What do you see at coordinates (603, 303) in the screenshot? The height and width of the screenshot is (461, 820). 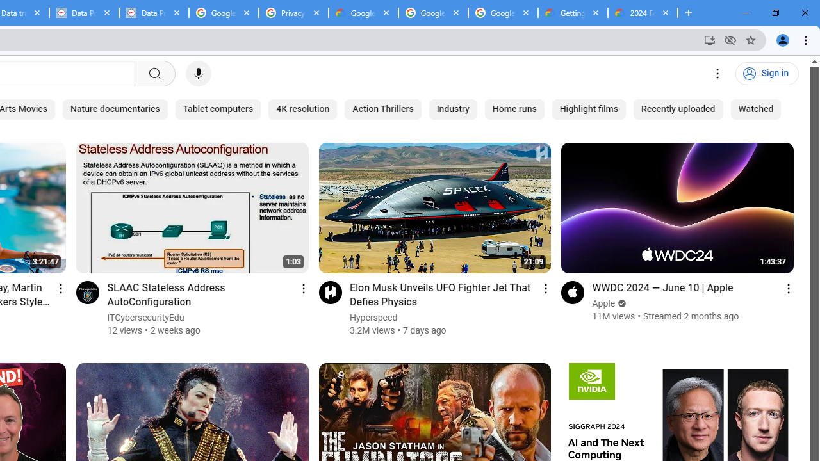 I see `'Apple'` at bounding box center [603, 303].